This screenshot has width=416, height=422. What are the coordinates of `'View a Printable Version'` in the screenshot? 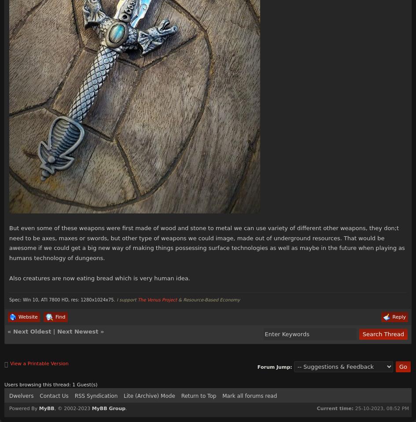 It's located at (39, 363).